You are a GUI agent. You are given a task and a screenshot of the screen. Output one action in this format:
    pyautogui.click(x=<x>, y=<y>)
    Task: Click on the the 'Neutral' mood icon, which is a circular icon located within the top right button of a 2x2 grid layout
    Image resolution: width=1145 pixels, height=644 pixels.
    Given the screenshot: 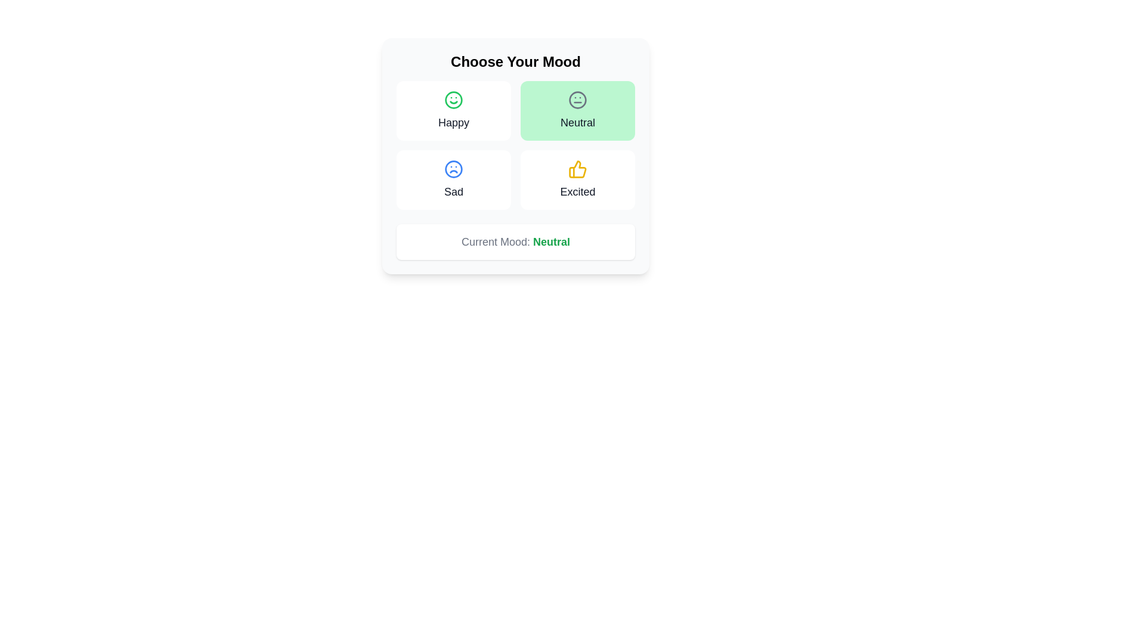 What is the action you would take?
    pyautogui.click(x=578, y=100)
    